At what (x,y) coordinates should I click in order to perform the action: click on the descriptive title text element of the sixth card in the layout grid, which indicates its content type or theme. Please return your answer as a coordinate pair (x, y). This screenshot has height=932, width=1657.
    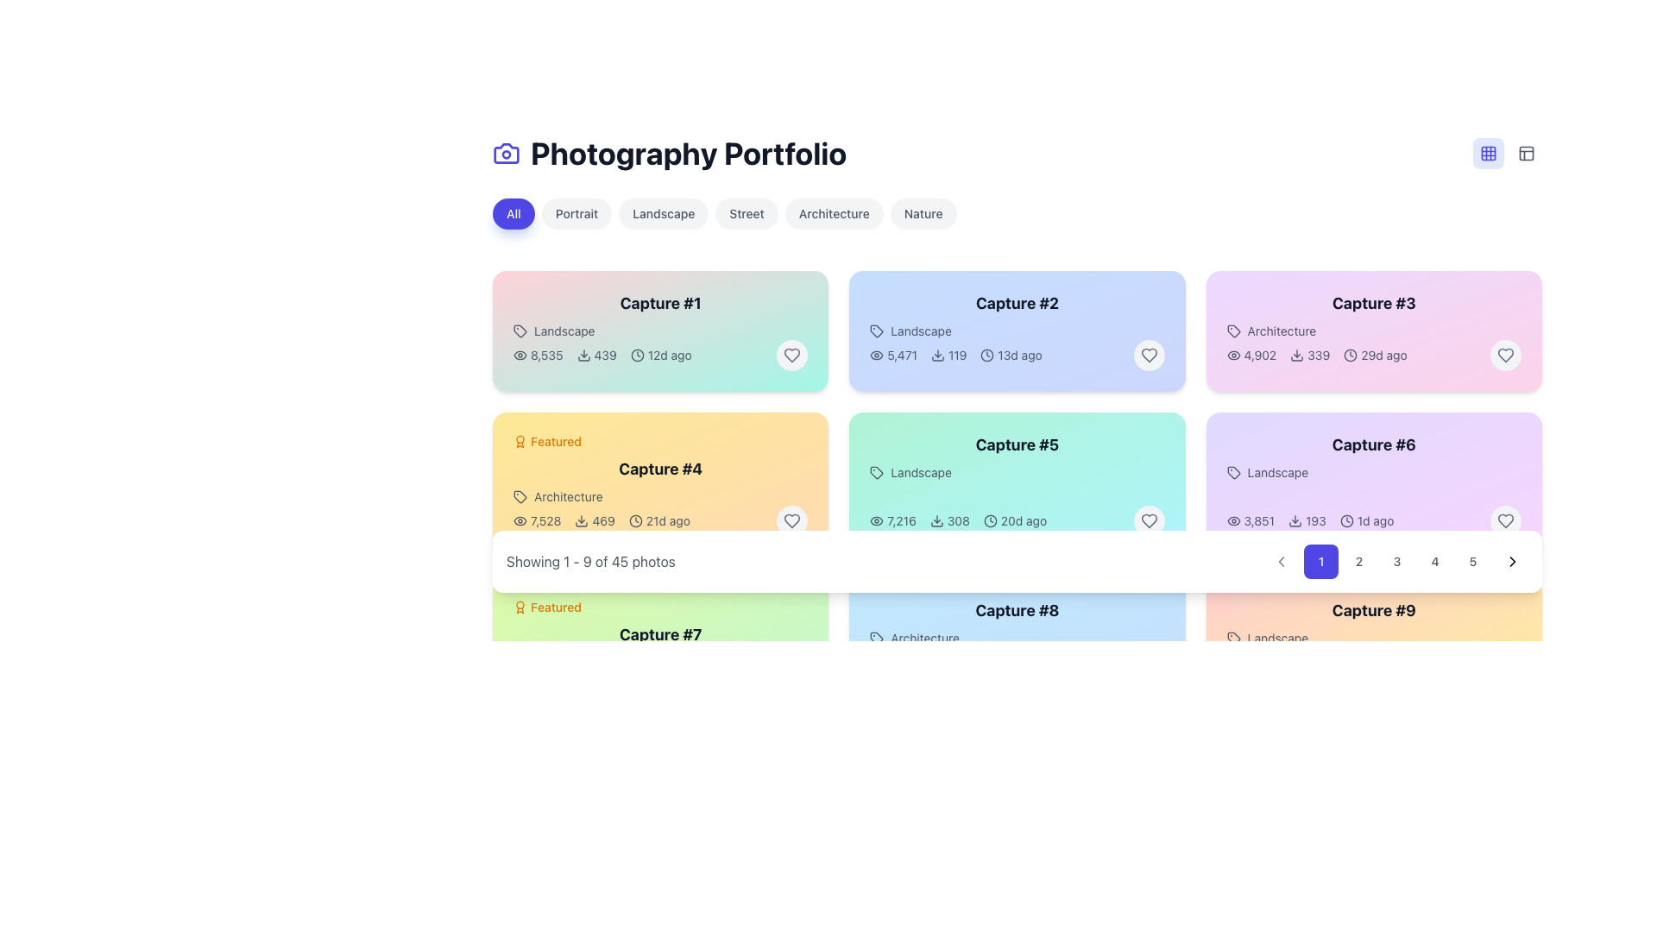
    Looking at the image, I should click on (1373, 456).